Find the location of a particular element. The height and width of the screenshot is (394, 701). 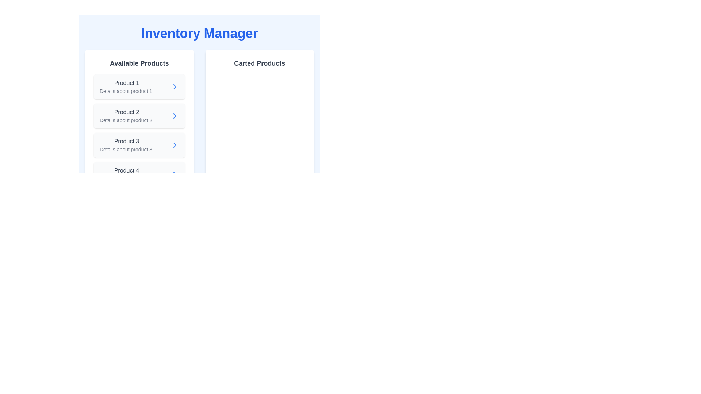

the text label displaying 'Product 2', which is styled in a medium-weight gray font and is the second product entry under 'Available Products' is located at coordinates (126, 112).